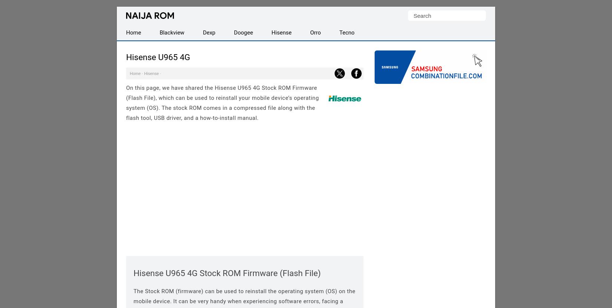  What do you see at coordinates (208, 32) in the screenshot?
I see `'Dexp'` at bounding box center [208, 32].